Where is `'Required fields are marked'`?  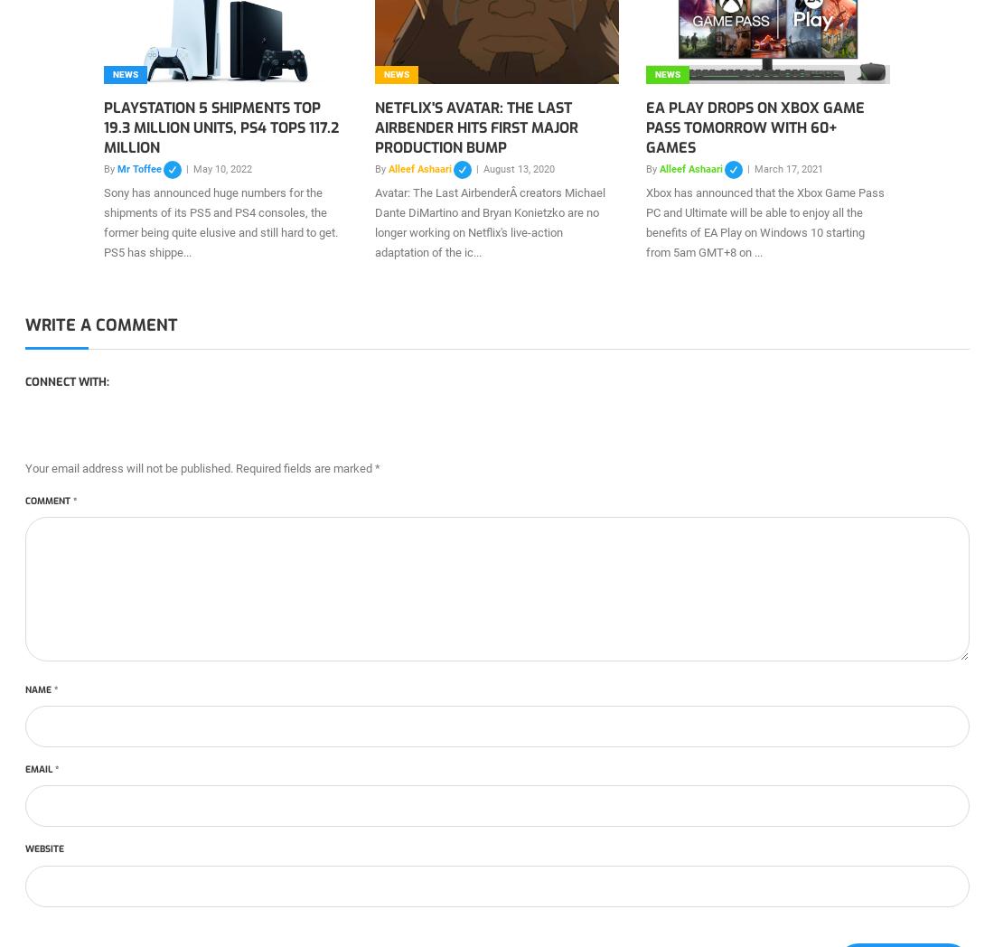 'Required fields are marked' is located at coordinates (304, 467).